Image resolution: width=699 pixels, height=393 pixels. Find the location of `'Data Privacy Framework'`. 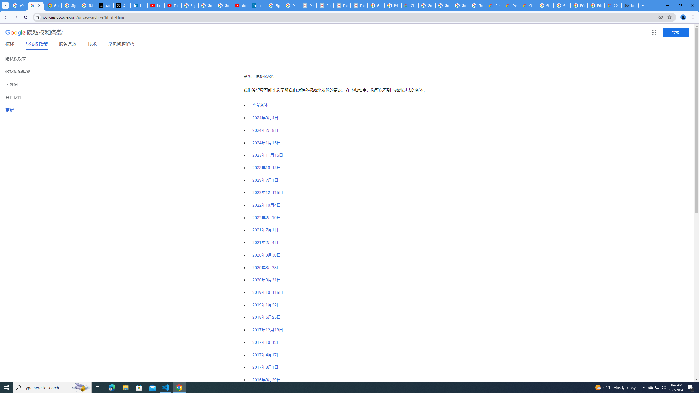

'Data Privacy Framework' is located at coordinates (325, 5).